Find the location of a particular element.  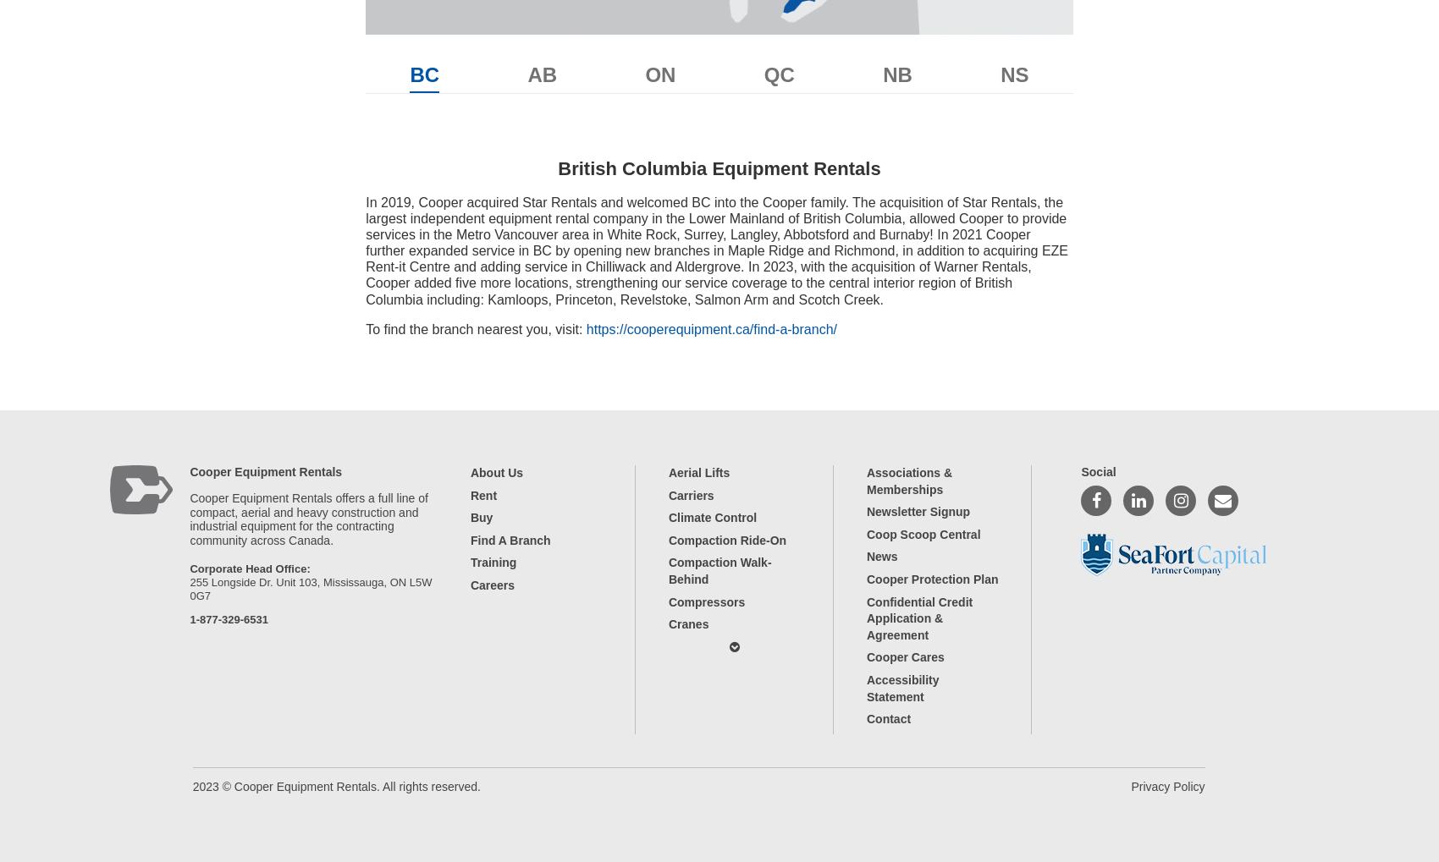

'Cranes' is located at coordinates (686, 623).